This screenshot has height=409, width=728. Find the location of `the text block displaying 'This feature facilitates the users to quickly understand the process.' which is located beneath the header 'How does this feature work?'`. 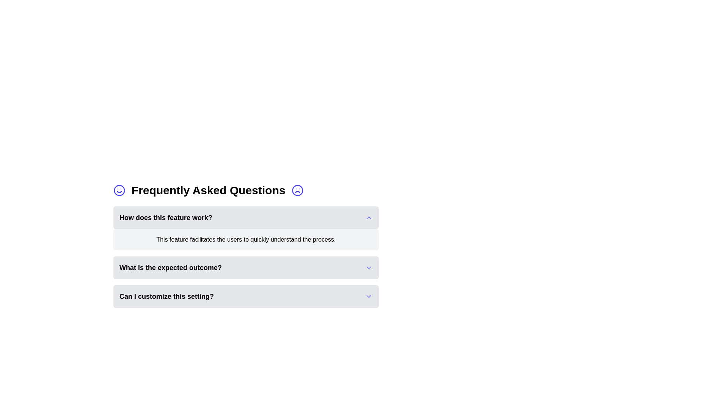

the text block displaying 'This feature facilitates the users to quickly understand the process.' which is located beneath the header 'How does this feature work?' is located at coordinates (246, 239).